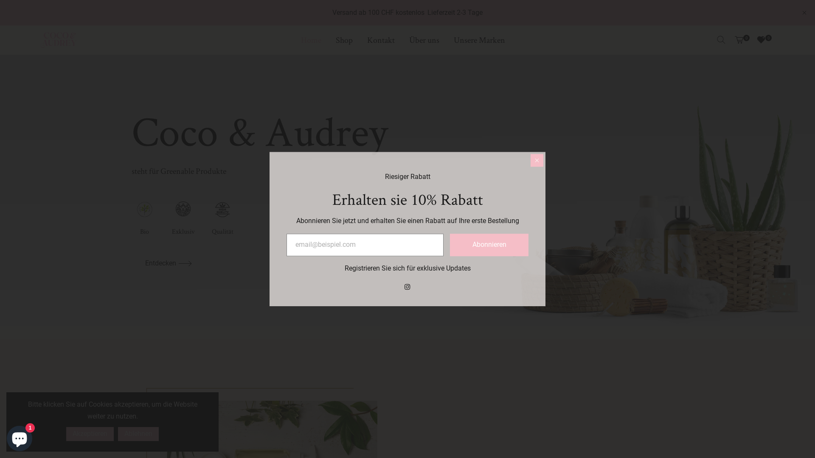  I want to click on 'Onlineshop-Chat von Shopify', so click(20, 436).